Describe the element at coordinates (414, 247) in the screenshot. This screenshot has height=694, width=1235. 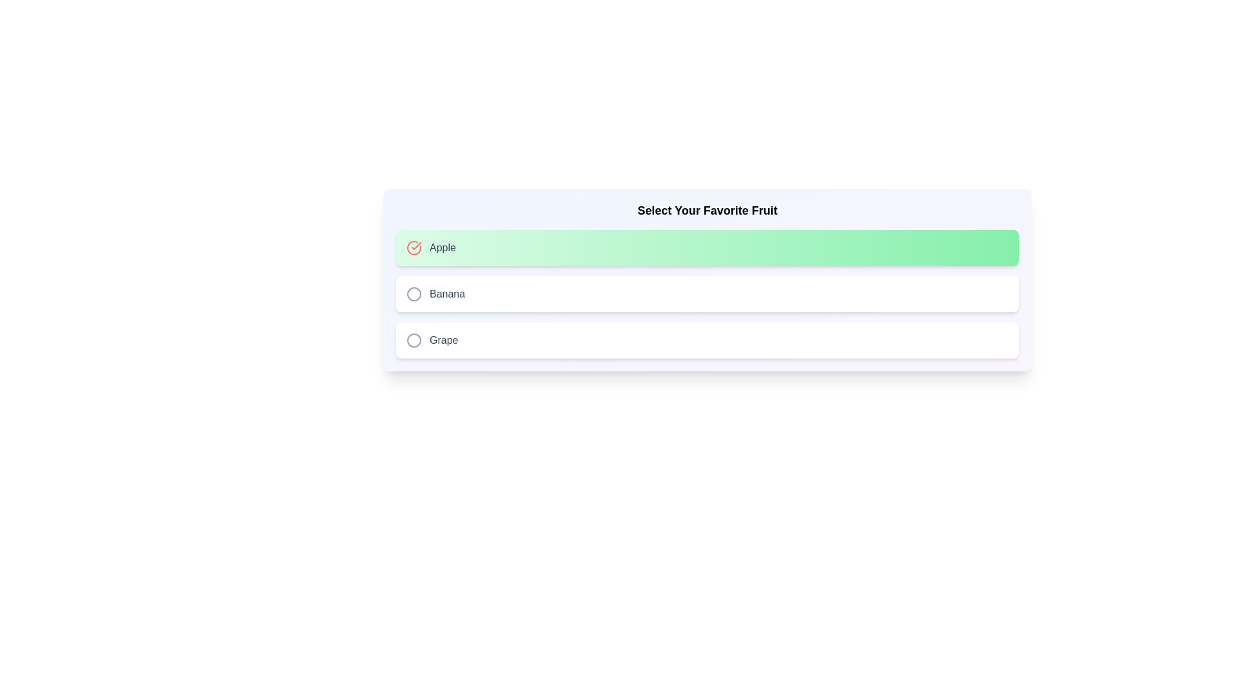
I see `the red outlined circular check icon with a tick inside, located at the leftmost side of the 'Apple' option row` at that location.